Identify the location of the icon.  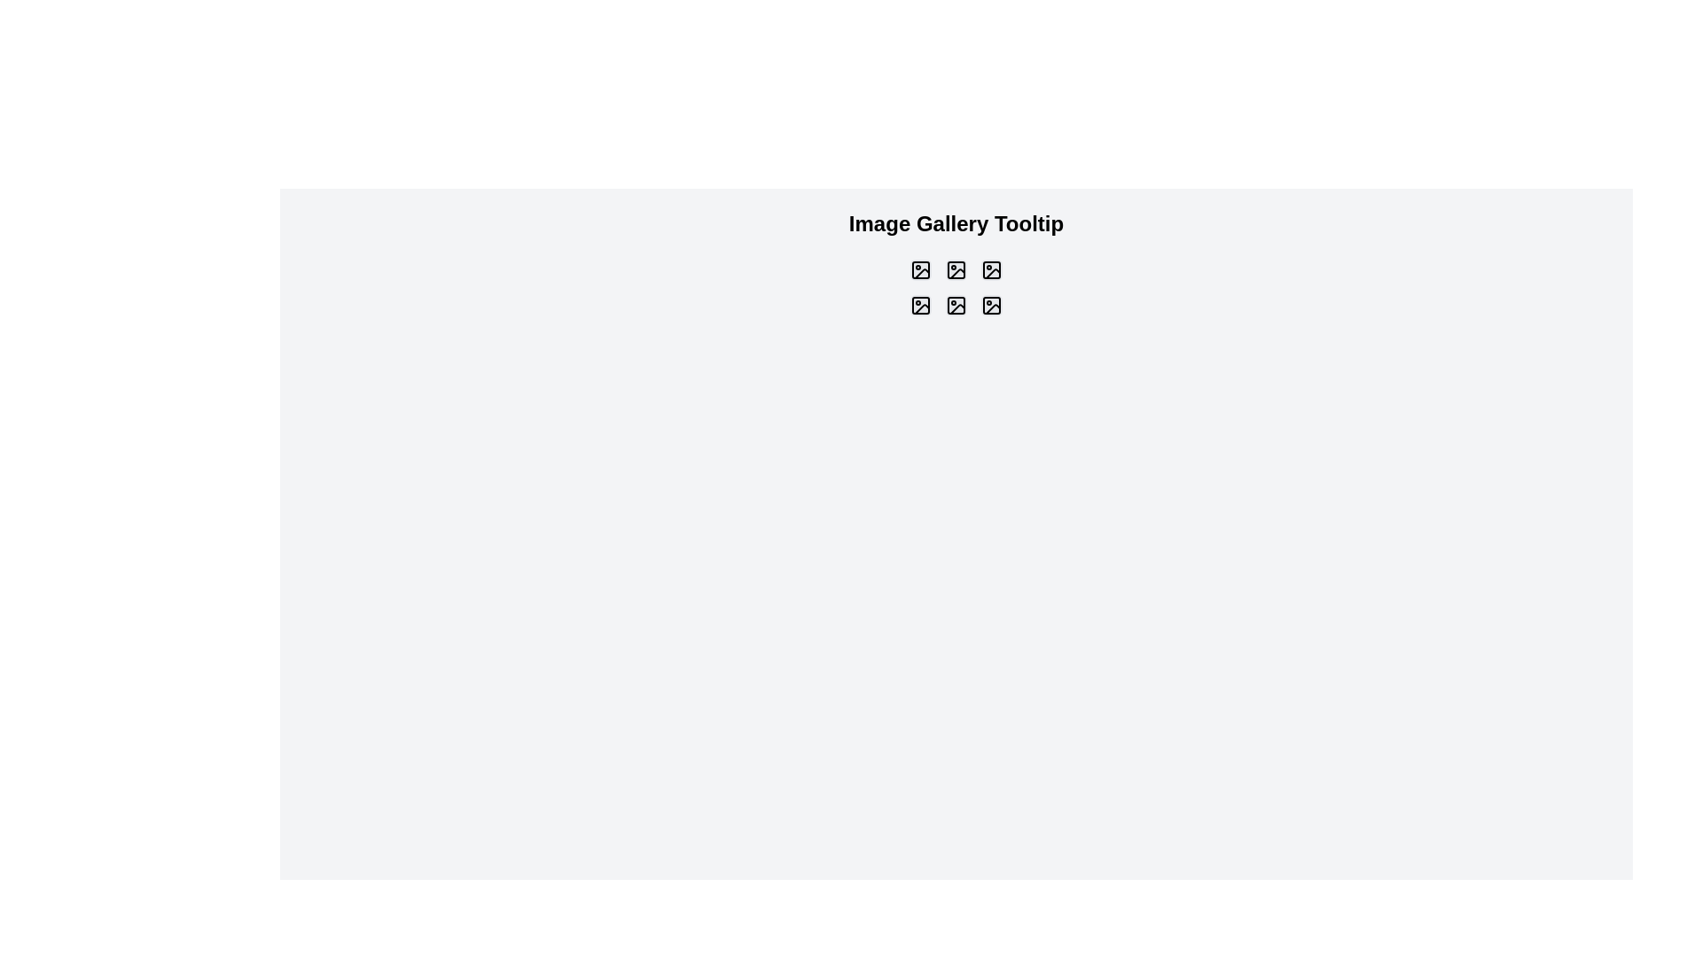
(920, 269).